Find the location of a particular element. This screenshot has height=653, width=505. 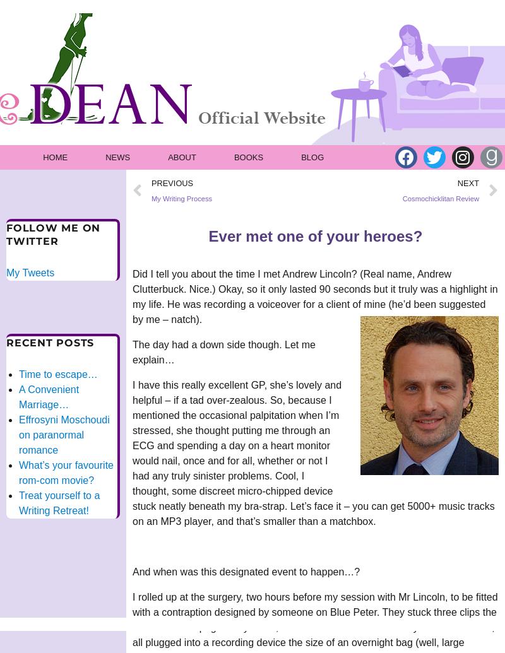

'Did I tell you about the time I met Andrew Lincoln? (Real name, Andrew Clutterbuck. Nice.) Okay, so it only lasted 90 seconds but it truly was a highlight in my life. He was recording a voiceover for a client of mine (he’d been suggested by me – natch).' is located at coordinates (315, 297).